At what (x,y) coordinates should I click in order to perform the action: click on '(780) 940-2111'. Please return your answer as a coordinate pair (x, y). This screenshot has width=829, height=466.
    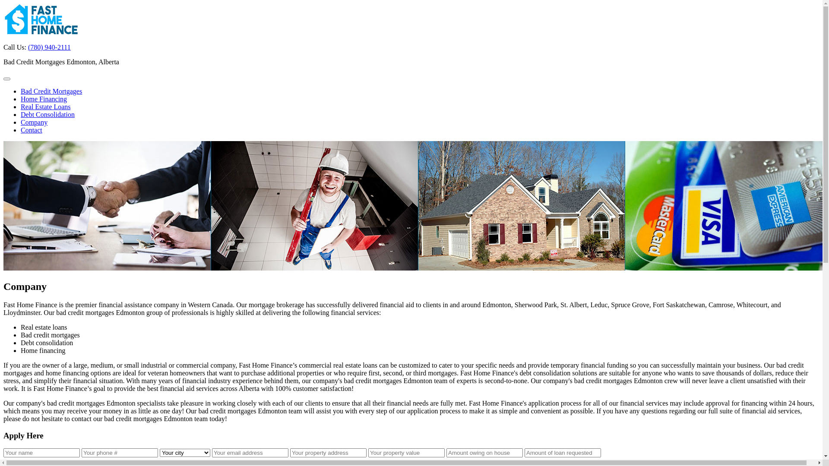
    Looking at the image, I should click on (28, 47).